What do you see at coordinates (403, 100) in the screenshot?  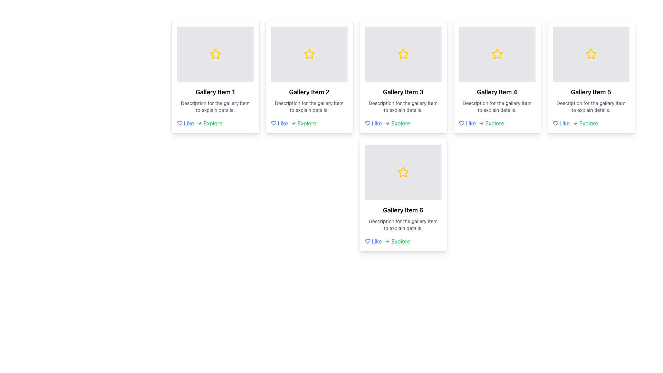 I see `the Text Block that provides a title and description for the gallery item located in the 'Gallery Item 3' card` at bounding box center [403, 100].